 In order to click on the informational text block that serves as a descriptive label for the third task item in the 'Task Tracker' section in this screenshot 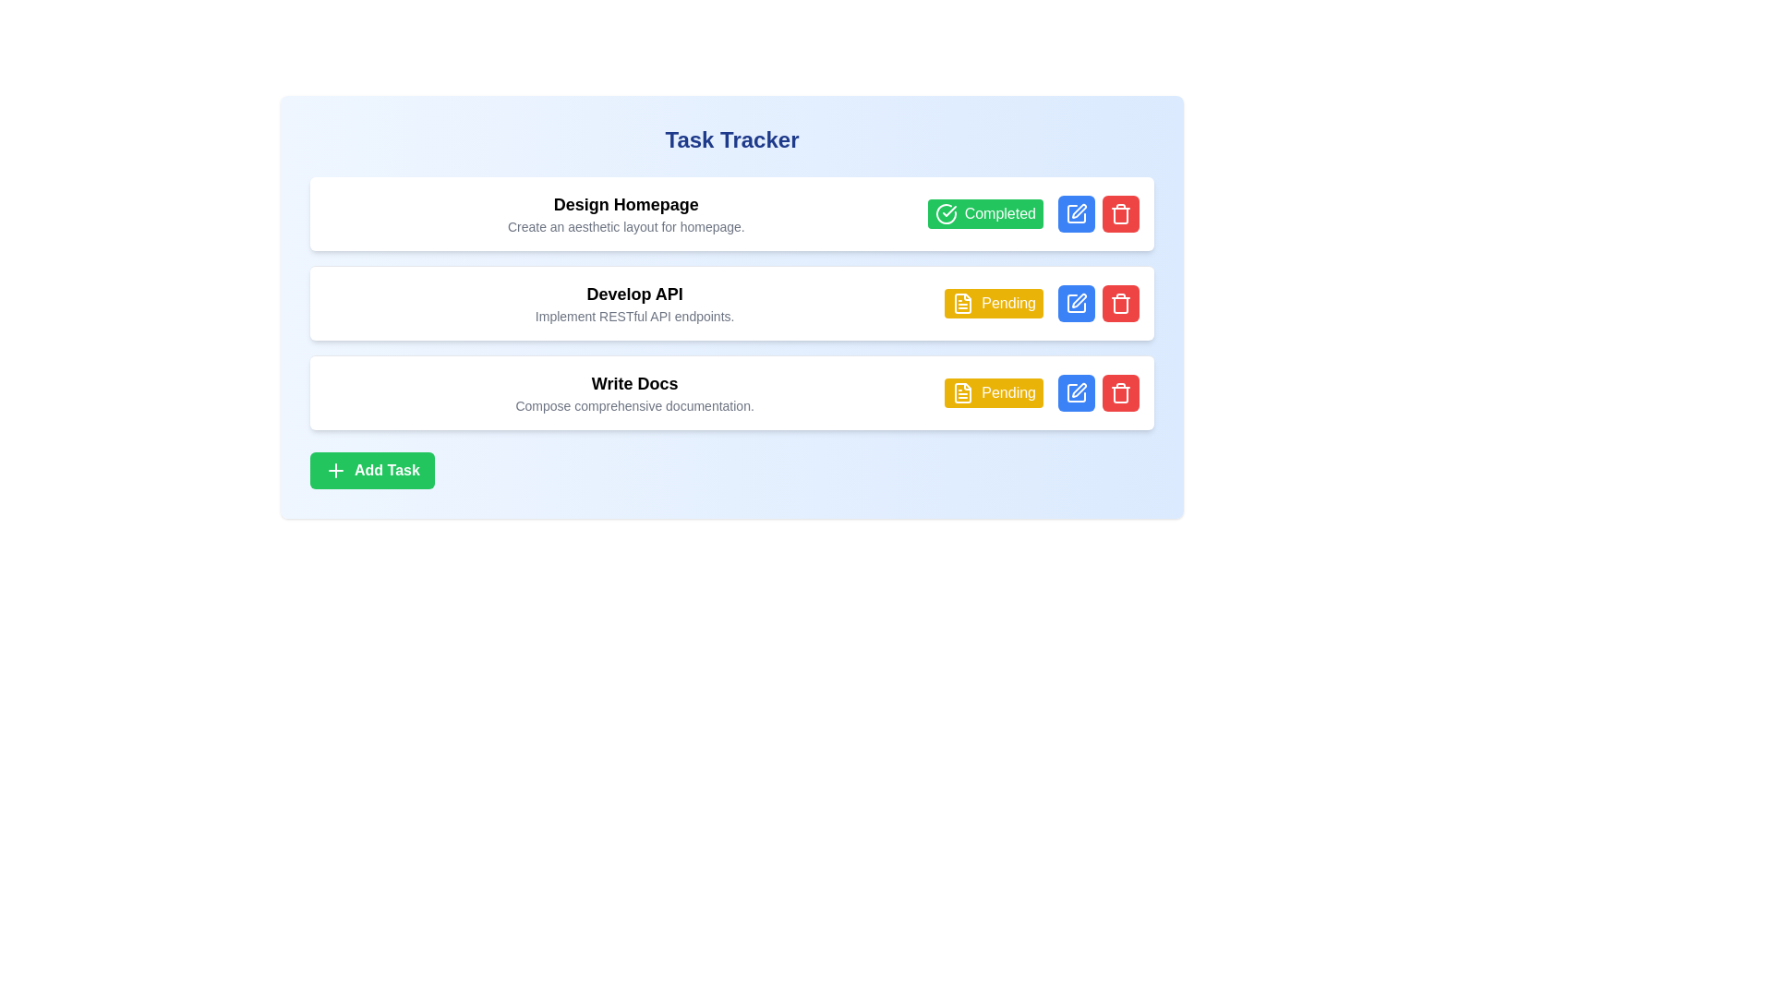, I will do `click(634, 391)`.